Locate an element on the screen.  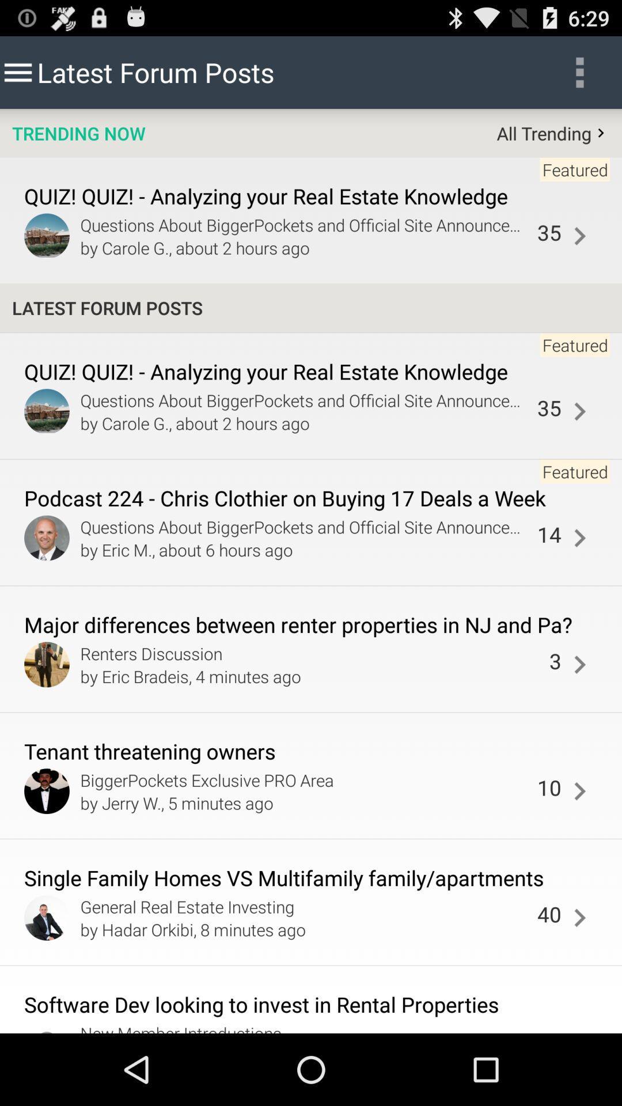
the icon next to the 40 app is located at coordinates (579, 917).